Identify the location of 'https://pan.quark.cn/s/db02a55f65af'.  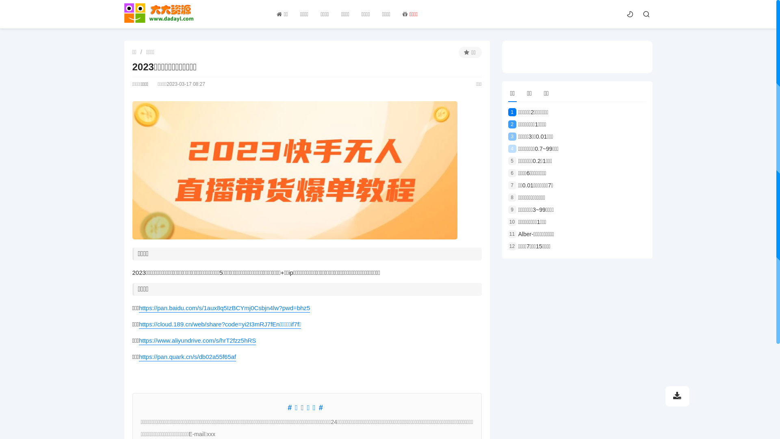
(187, 356).